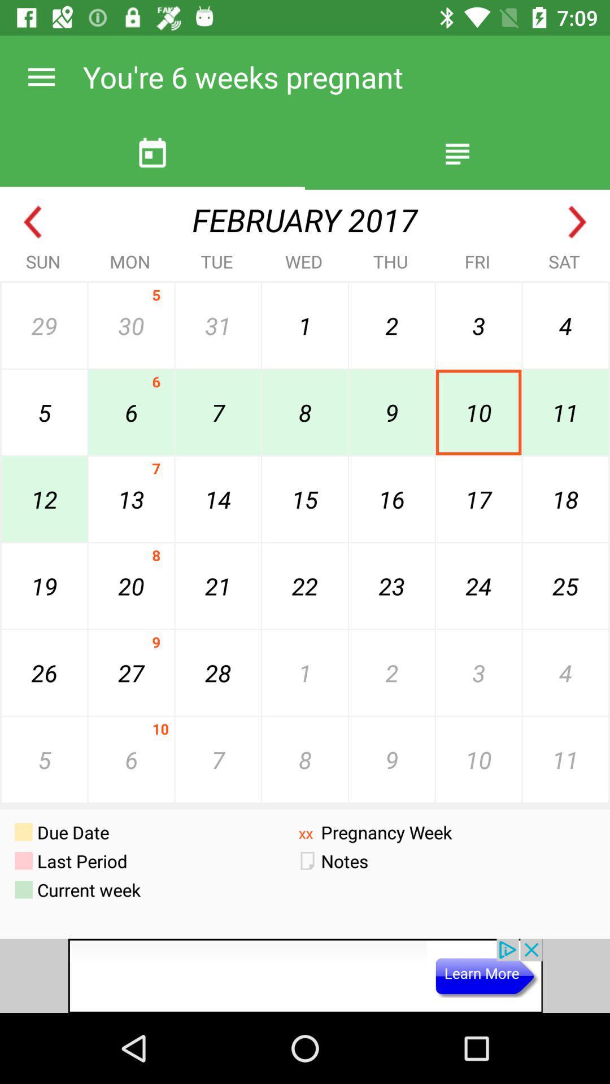  Describe the element at coordinates (32, 222) in the screenshot. I see `previous month` at that location.